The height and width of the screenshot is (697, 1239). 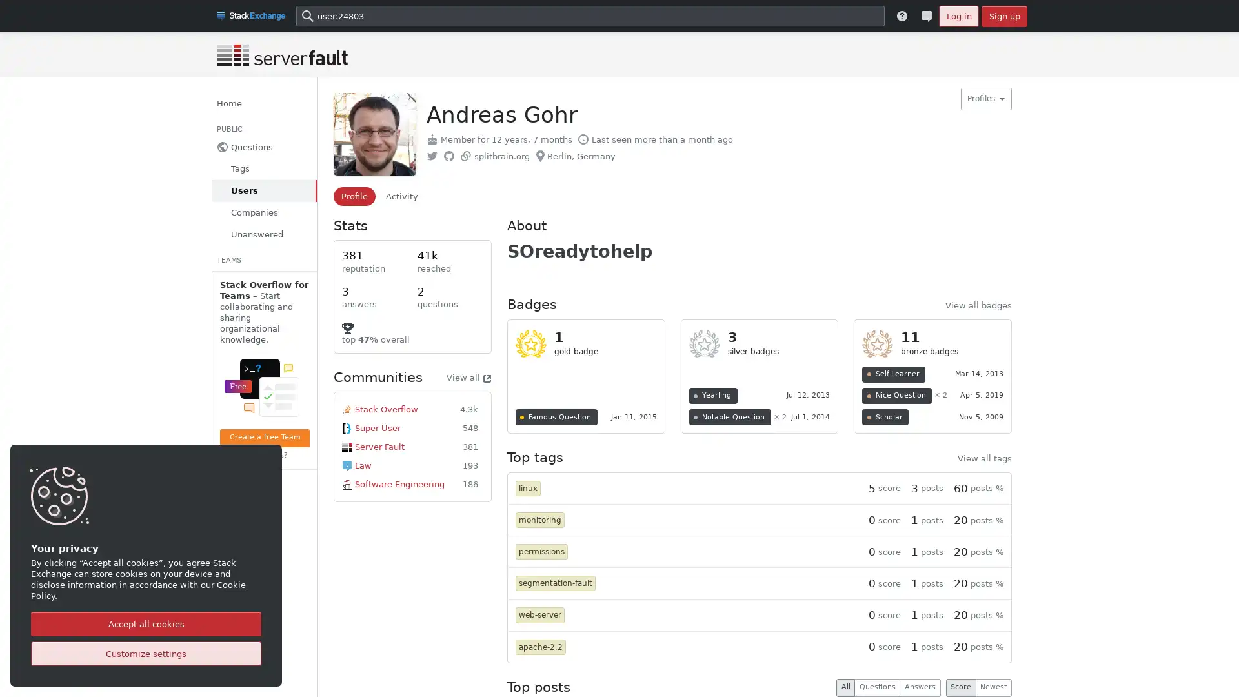 I want to click on Customize settings, so click(x=146, y=654).